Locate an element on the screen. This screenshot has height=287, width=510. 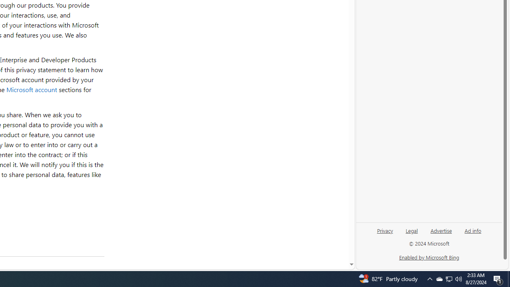
'Microsoft account' is located at coordinates (31, 90).